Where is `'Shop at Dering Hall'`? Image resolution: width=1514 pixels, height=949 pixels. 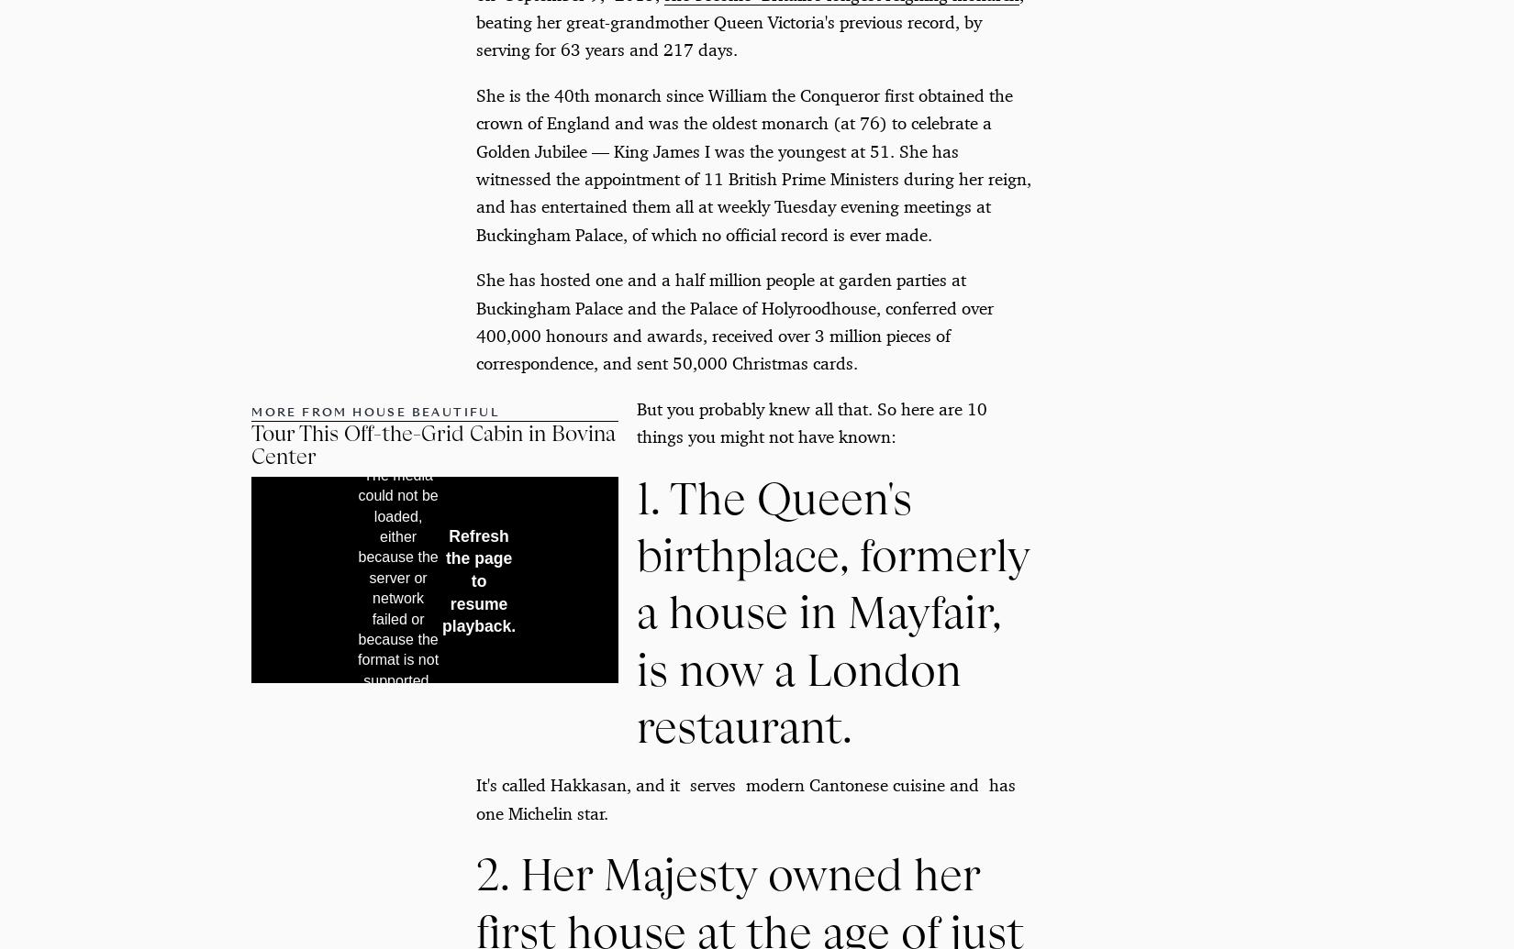 'Shop at Dering Hall' is located at coordinates (557, 816).